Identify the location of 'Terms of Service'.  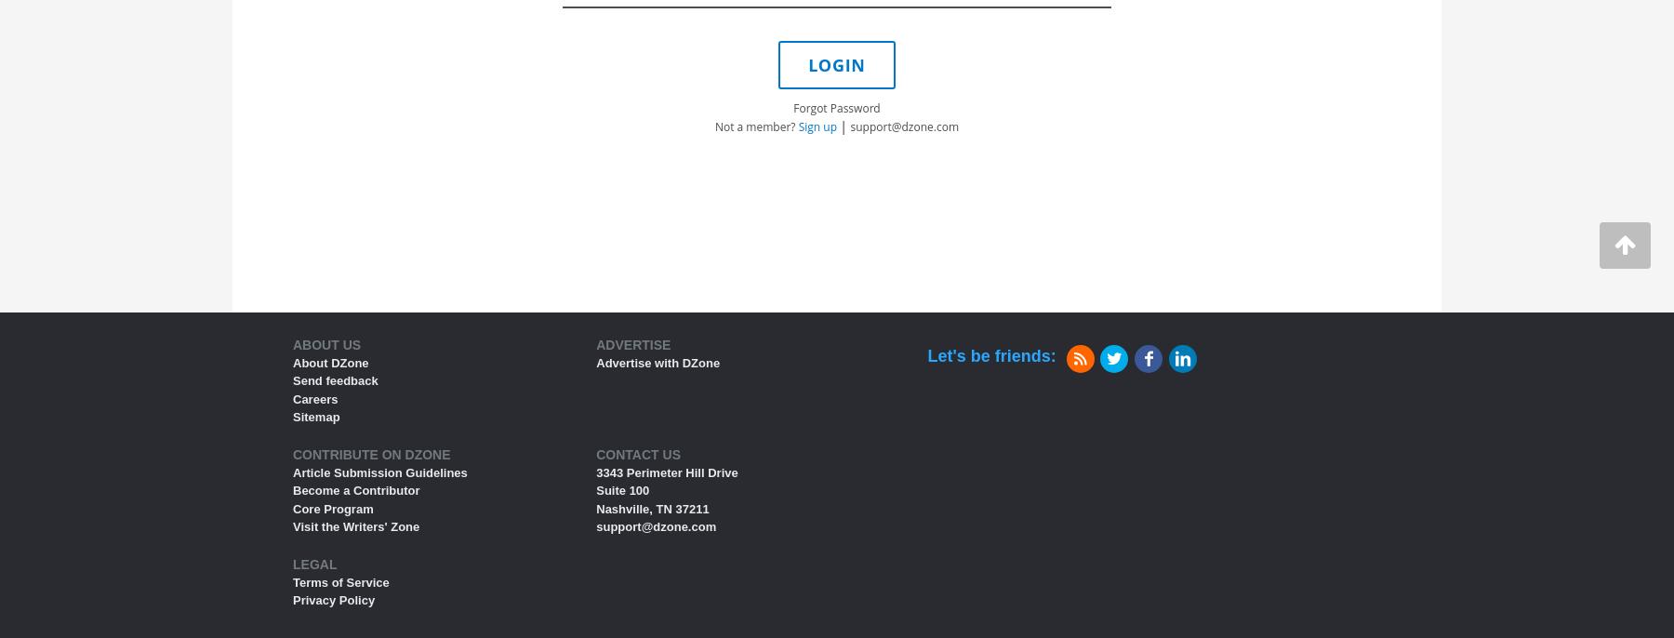
(340, 581).